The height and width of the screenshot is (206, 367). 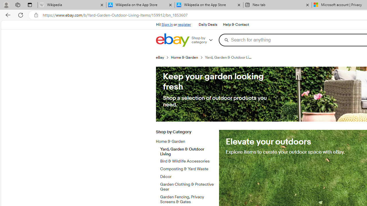 I want to click on 'eBay Home', so click(x=172, y=40).